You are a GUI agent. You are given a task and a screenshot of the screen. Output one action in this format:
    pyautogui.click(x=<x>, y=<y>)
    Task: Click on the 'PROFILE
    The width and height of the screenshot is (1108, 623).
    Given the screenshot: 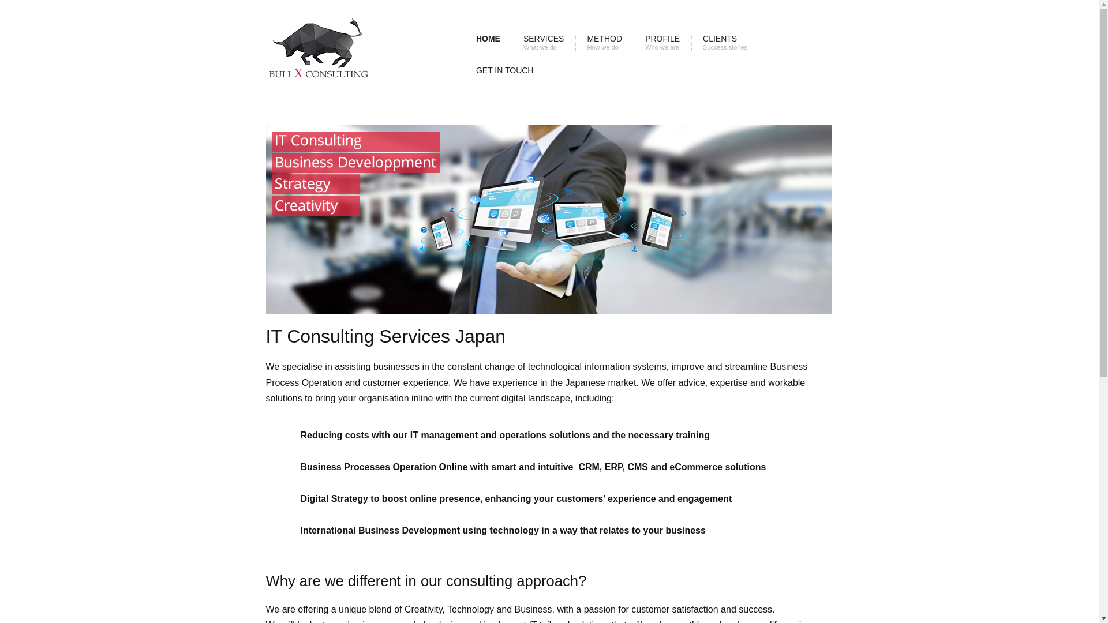 What is the action you would take?
    pyautogui.click(x=633, y=41)
    